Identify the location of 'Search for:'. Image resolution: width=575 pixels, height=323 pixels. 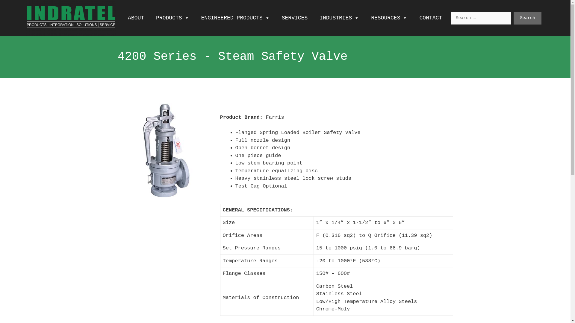
(481, 17).